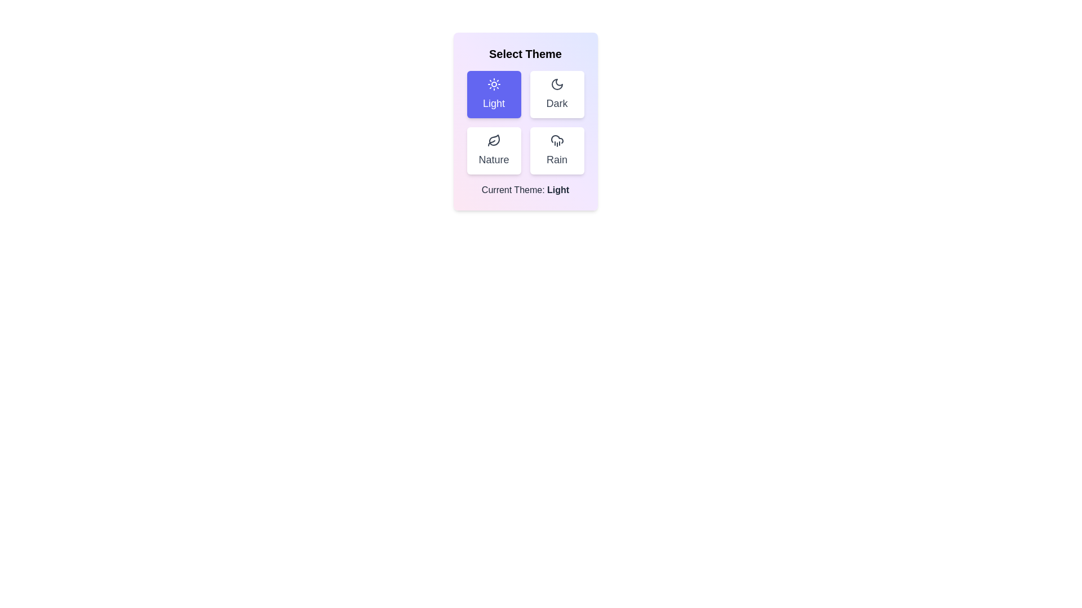 This screenshot has height=608, width=1082. What do you see at coordinates (557, 150) in the screenshot?
I see `the Rain button to see its hover effect` at bounding box center [557, 150].